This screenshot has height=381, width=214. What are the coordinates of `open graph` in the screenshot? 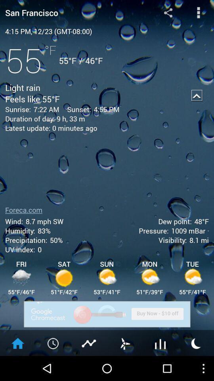 It's located at (160, 343).